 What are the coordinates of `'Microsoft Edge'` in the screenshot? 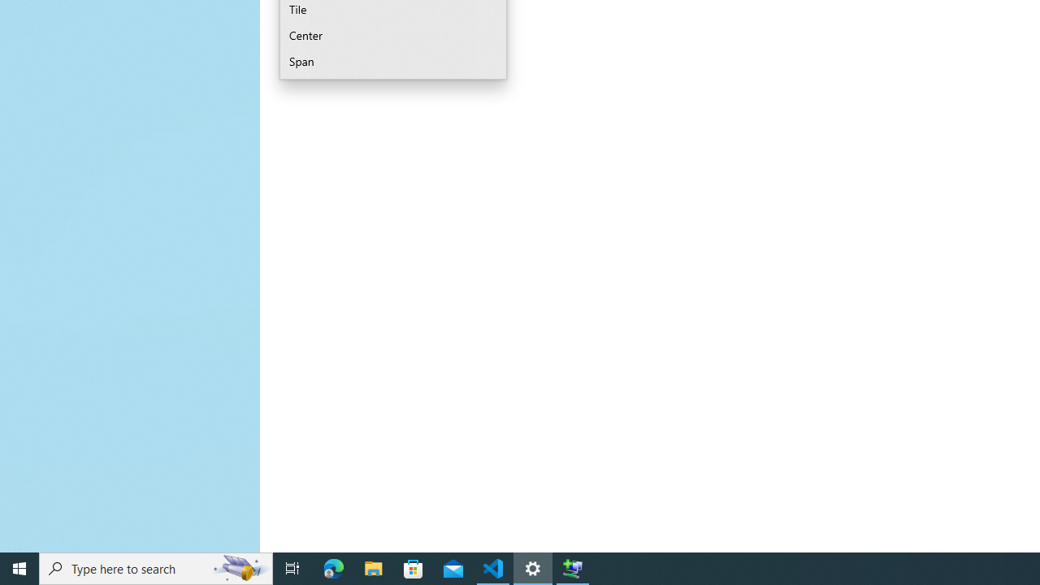 It's located at (333, 567).